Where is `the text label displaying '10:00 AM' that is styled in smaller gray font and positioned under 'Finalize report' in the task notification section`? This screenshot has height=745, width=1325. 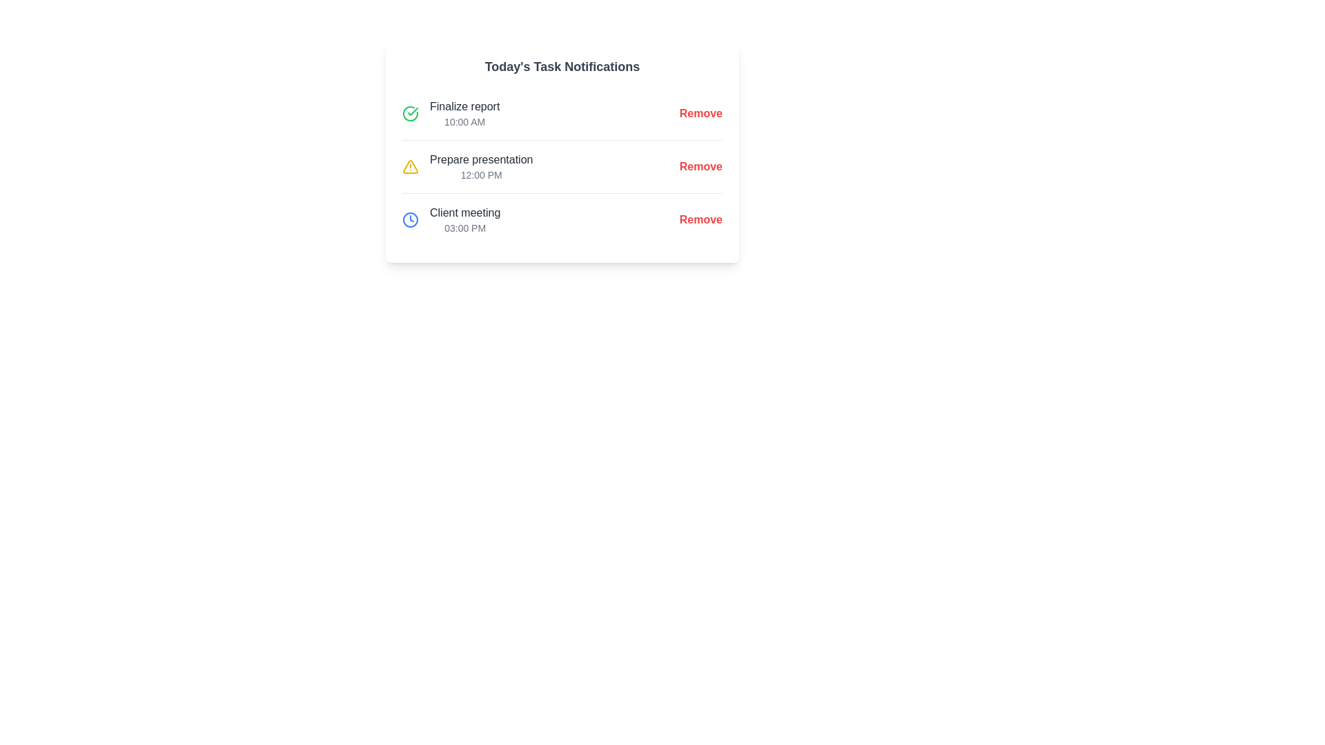 the text label displaying '10:00 AM' that is styled in smaller gray font and positioned under 'Finalize report' in the task notification section is located at coordinates (464, 121).